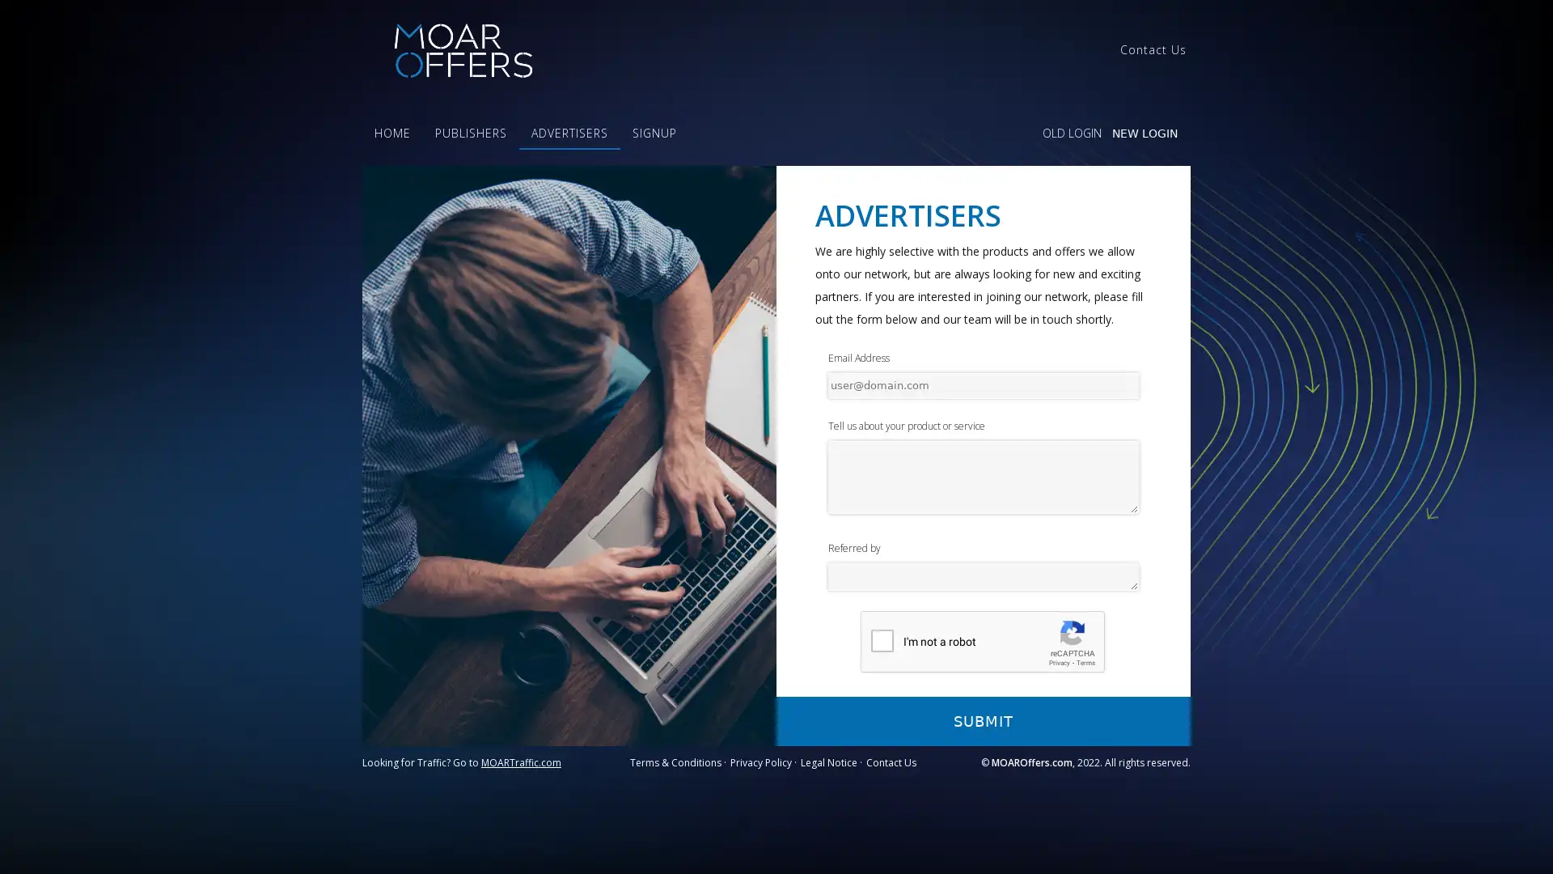  I want to click on NEW LOGIN, so click(1144, 133).